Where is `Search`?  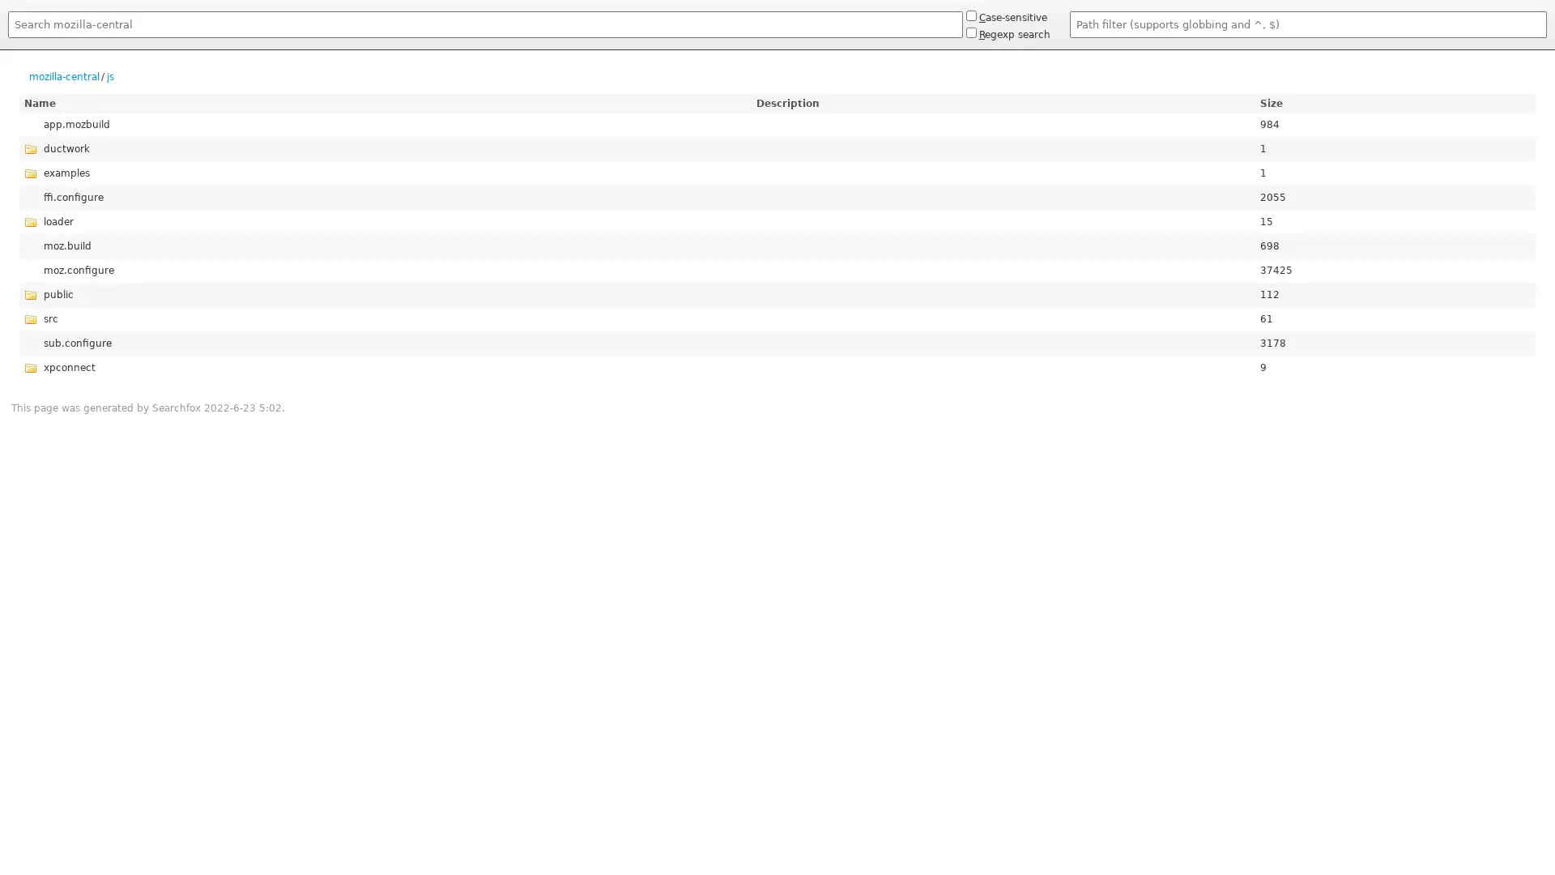
Search is located at coordinates (7, 41).